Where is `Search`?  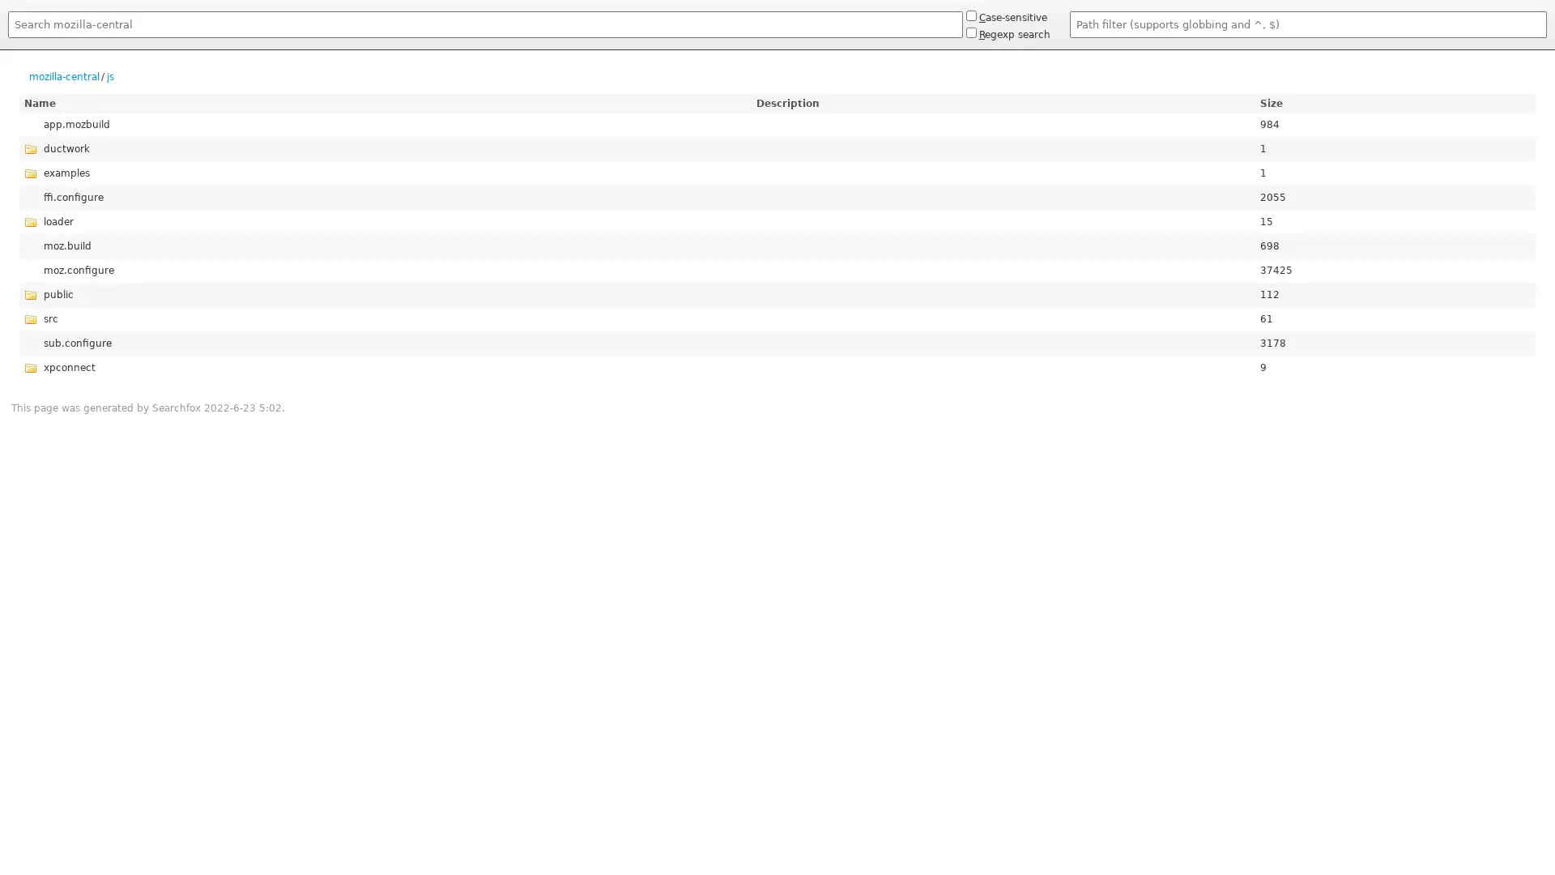
Search is located at coordinates (7, 41).